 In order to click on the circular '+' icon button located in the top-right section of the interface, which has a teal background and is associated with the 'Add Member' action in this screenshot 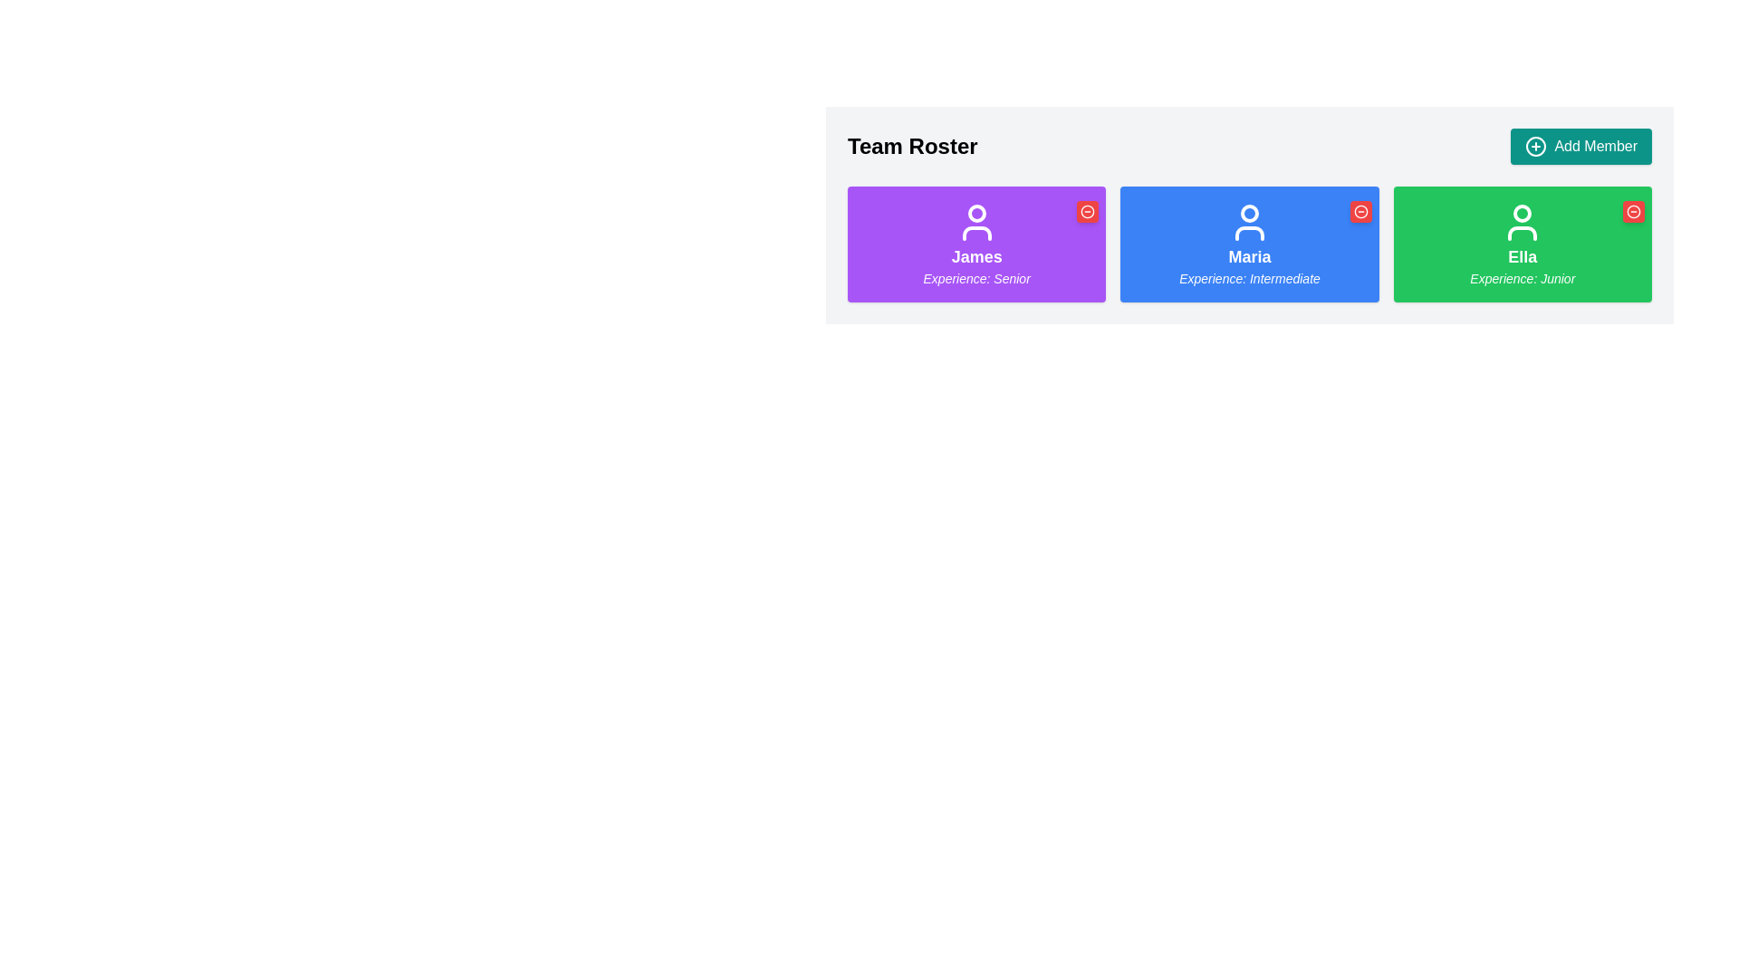, I will do `click(1535, 146)`.